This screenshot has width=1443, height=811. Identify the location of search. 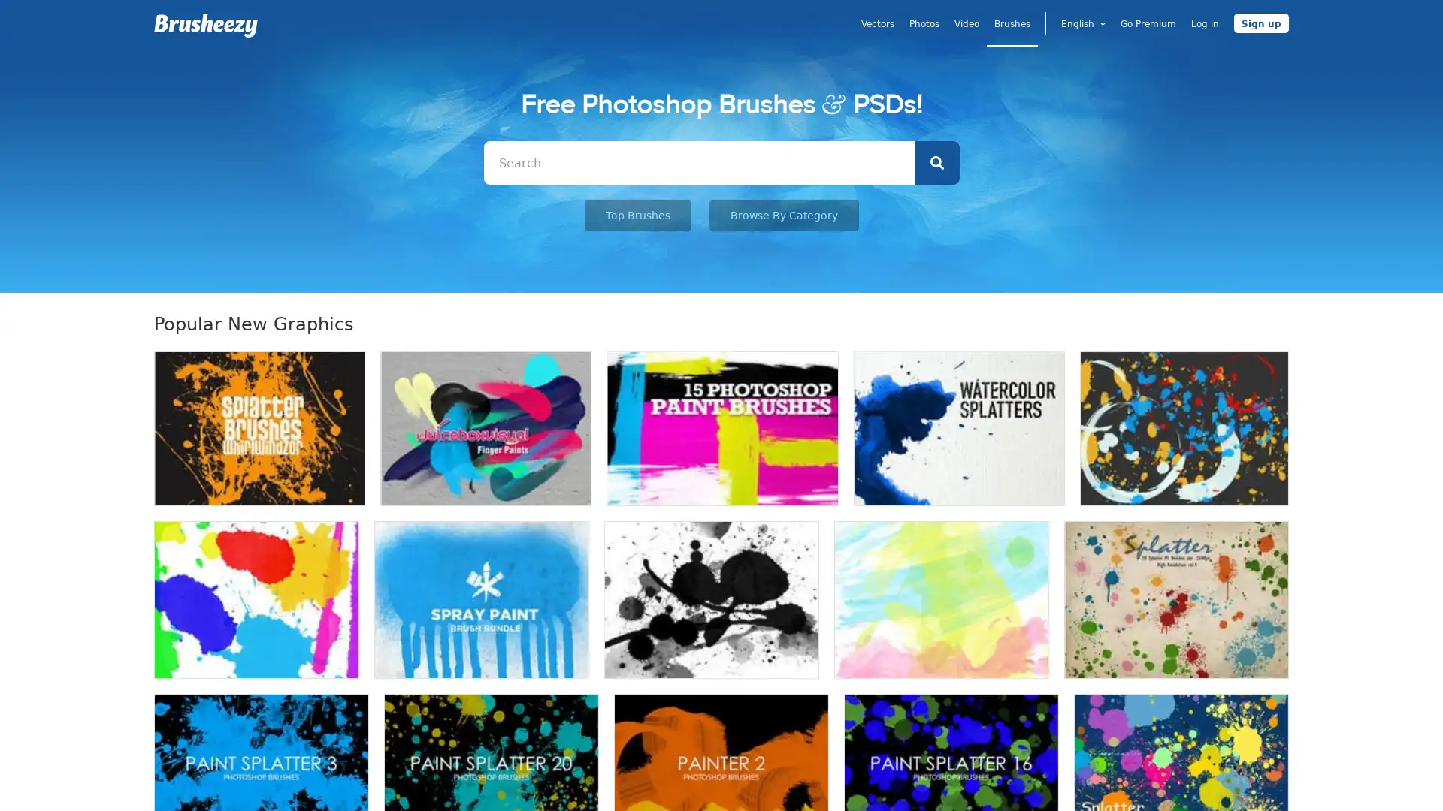
(936, 162).